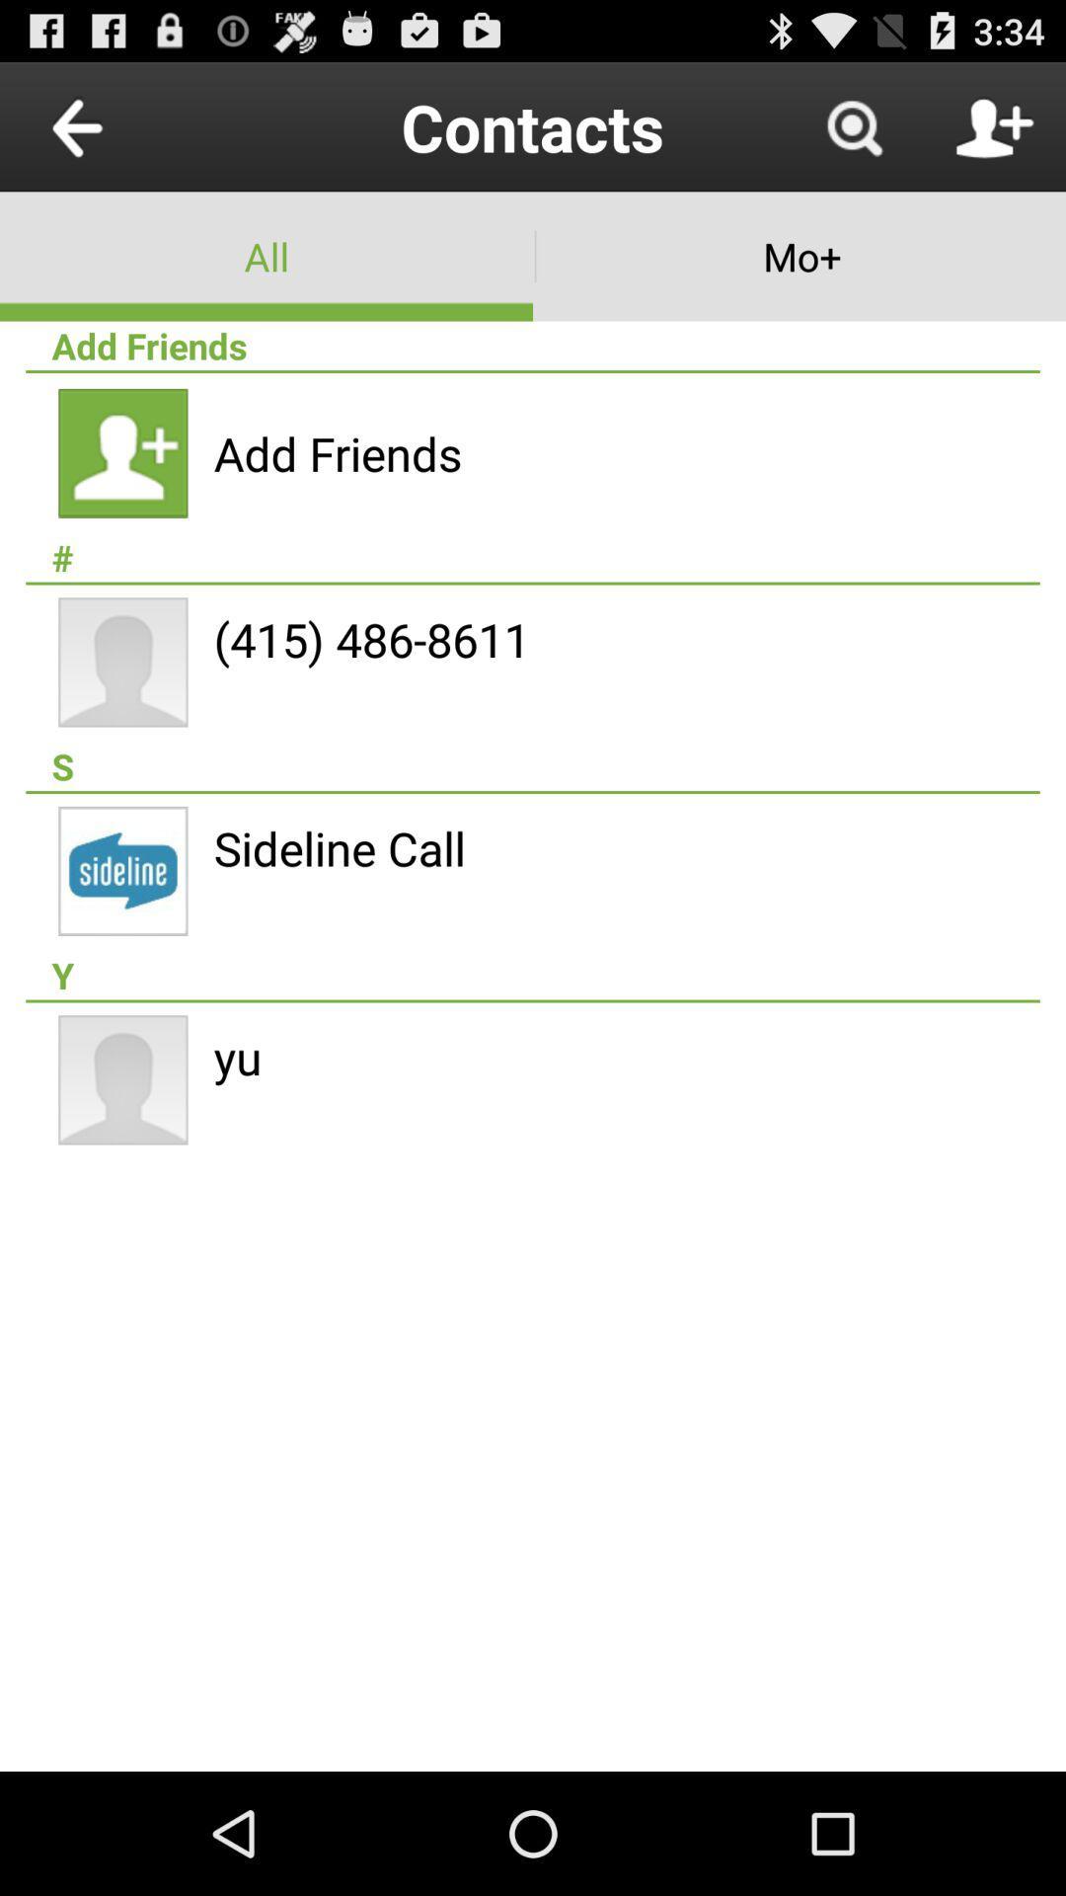 The image size is (1066, 1896). Describe the element at coordinates (853, 134) in the screenshot. I see `the search icon` at that location.